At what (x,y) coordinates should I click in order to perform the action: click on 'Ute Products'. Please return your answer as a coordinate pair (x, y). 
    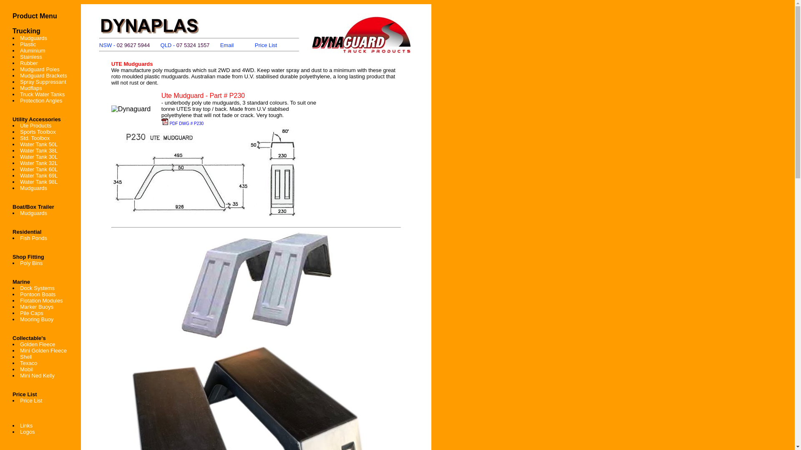
    Looking at the image, I should click on (35, 125).